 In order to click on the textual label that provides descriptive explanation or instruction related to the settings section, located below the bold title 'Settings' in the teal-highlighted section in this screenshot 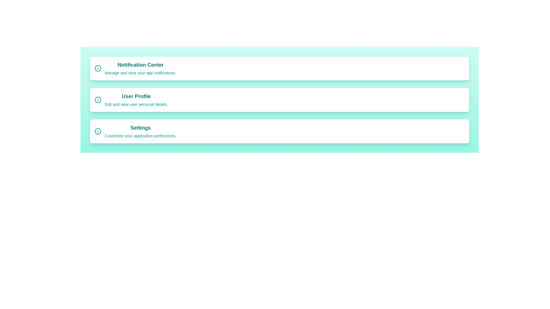, I will do `click(140, 136)`.